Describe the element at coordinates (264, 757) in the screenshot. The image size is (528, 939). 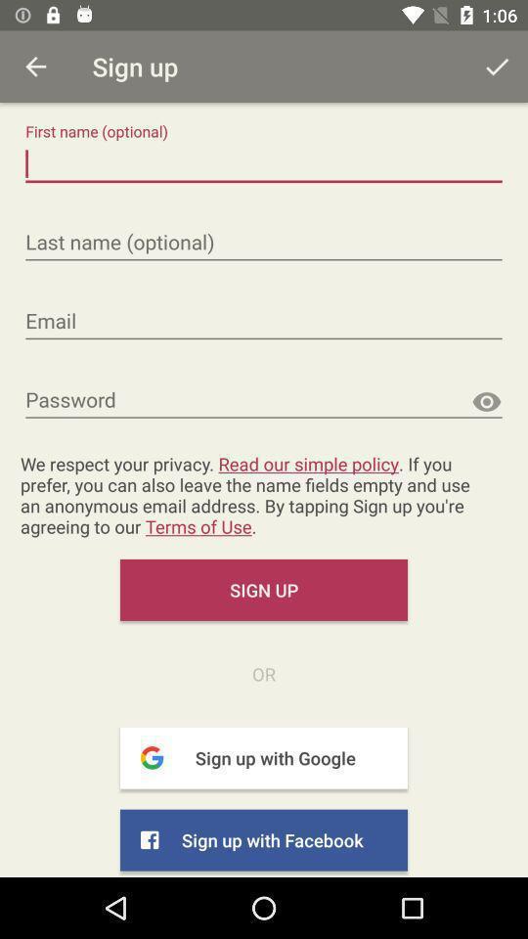
I see `sign up with google which is bottom second` at that location.